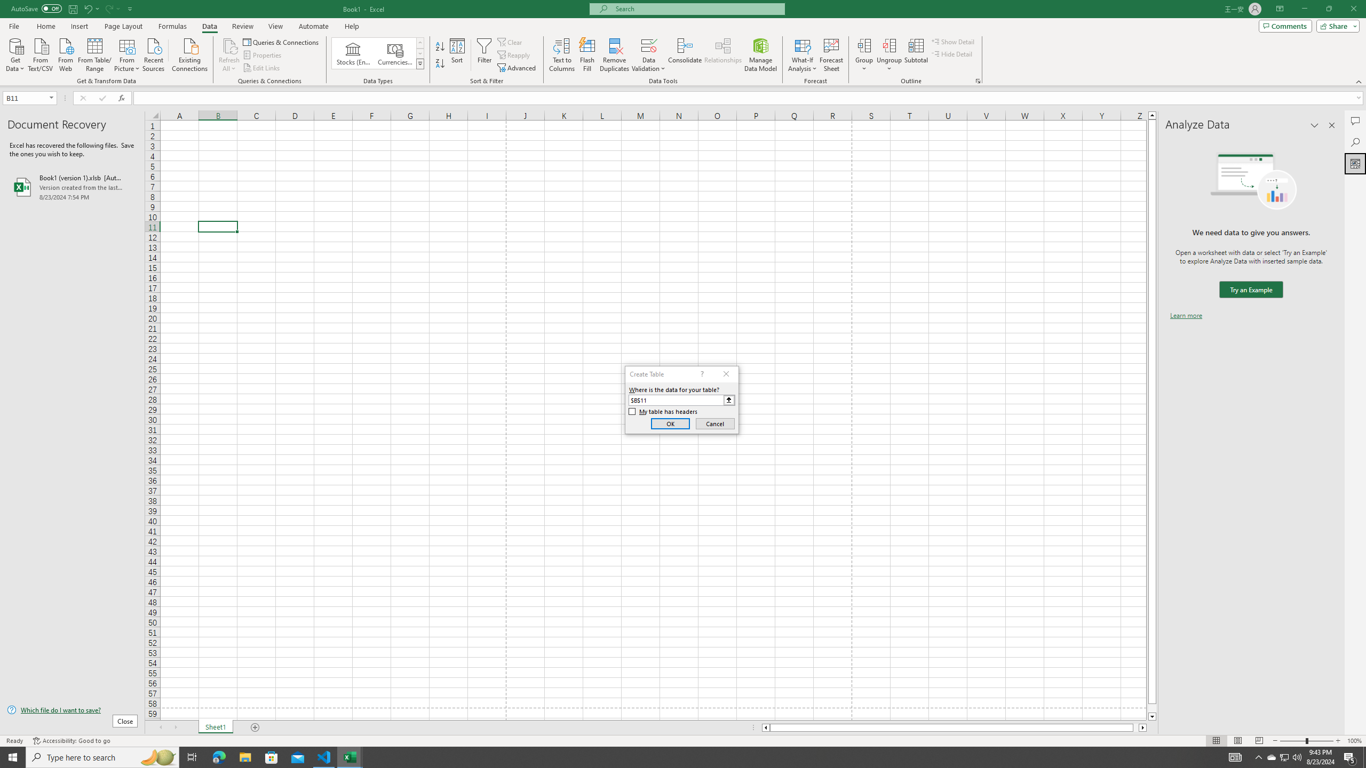 This screenshot has width=1366, height=768. Describe the element at coordinates (760, 55) in the screenshot. I see `'Manage Data Model'` at that location.